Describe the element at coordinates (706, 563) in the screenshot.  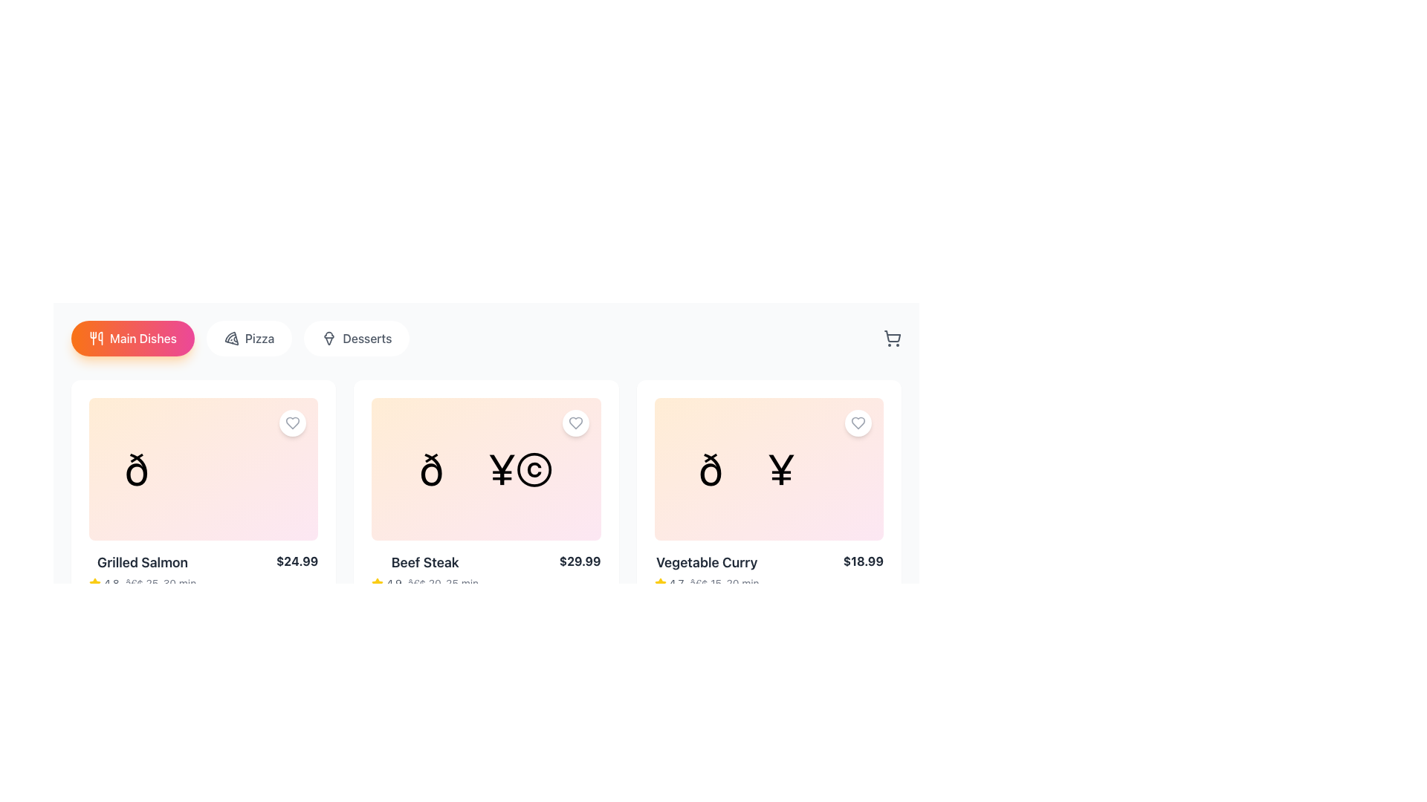
I see `the static text label displaying 'Vegetable Curry', which is styled in bold and large font, located in the rightmost card below the icon graphics` at that location.